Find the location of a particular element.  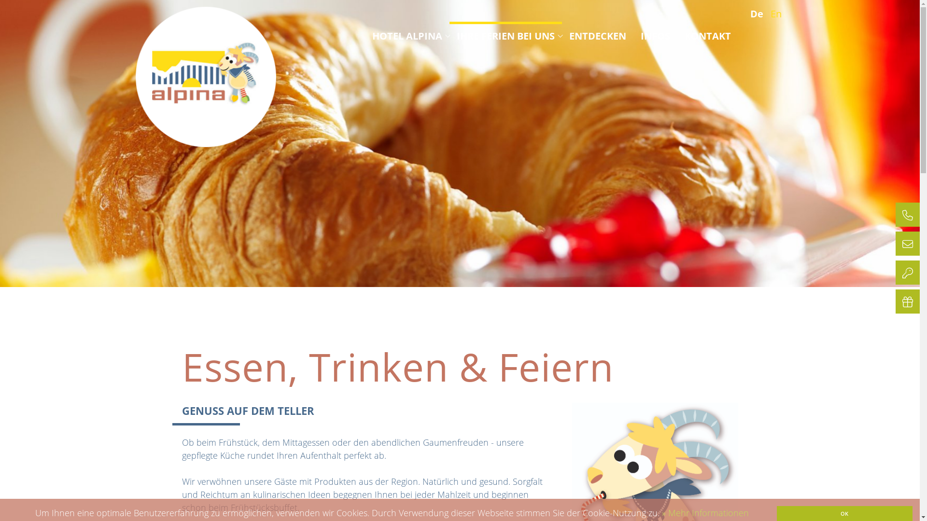

'KONTAKT' is located at coordinates (707, 35).